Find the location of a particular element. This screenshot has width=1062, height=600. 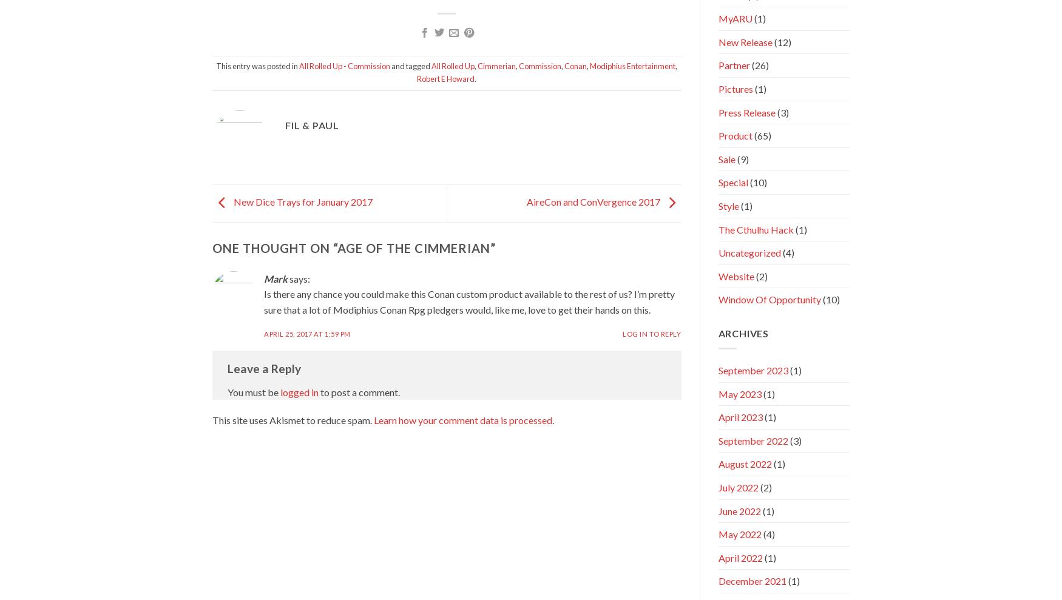

'One thought on “' is located at coordinates (275, 247).